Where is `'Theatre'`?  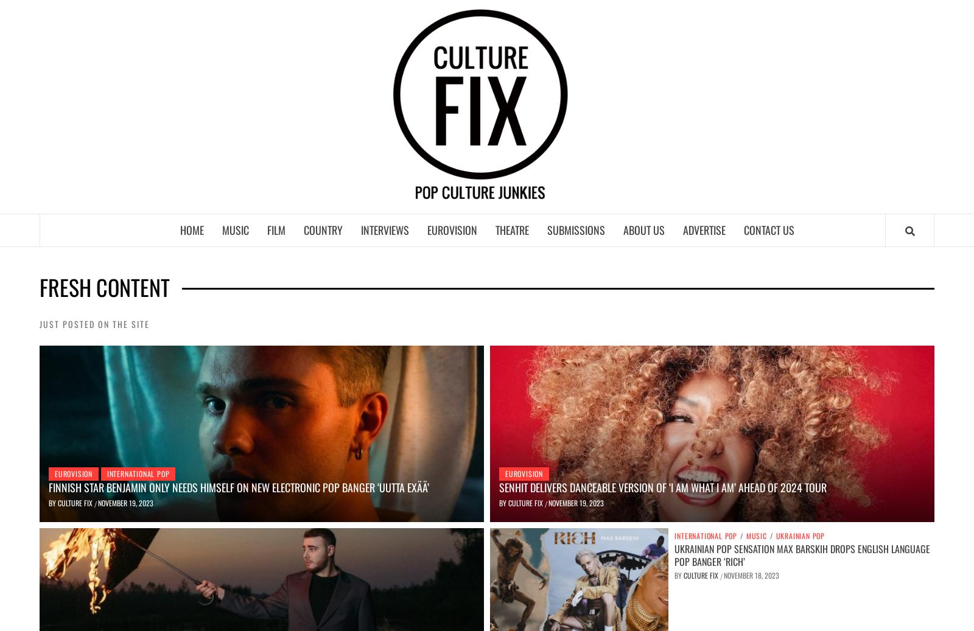
'Theatre' is located at coordinates (511, 229).